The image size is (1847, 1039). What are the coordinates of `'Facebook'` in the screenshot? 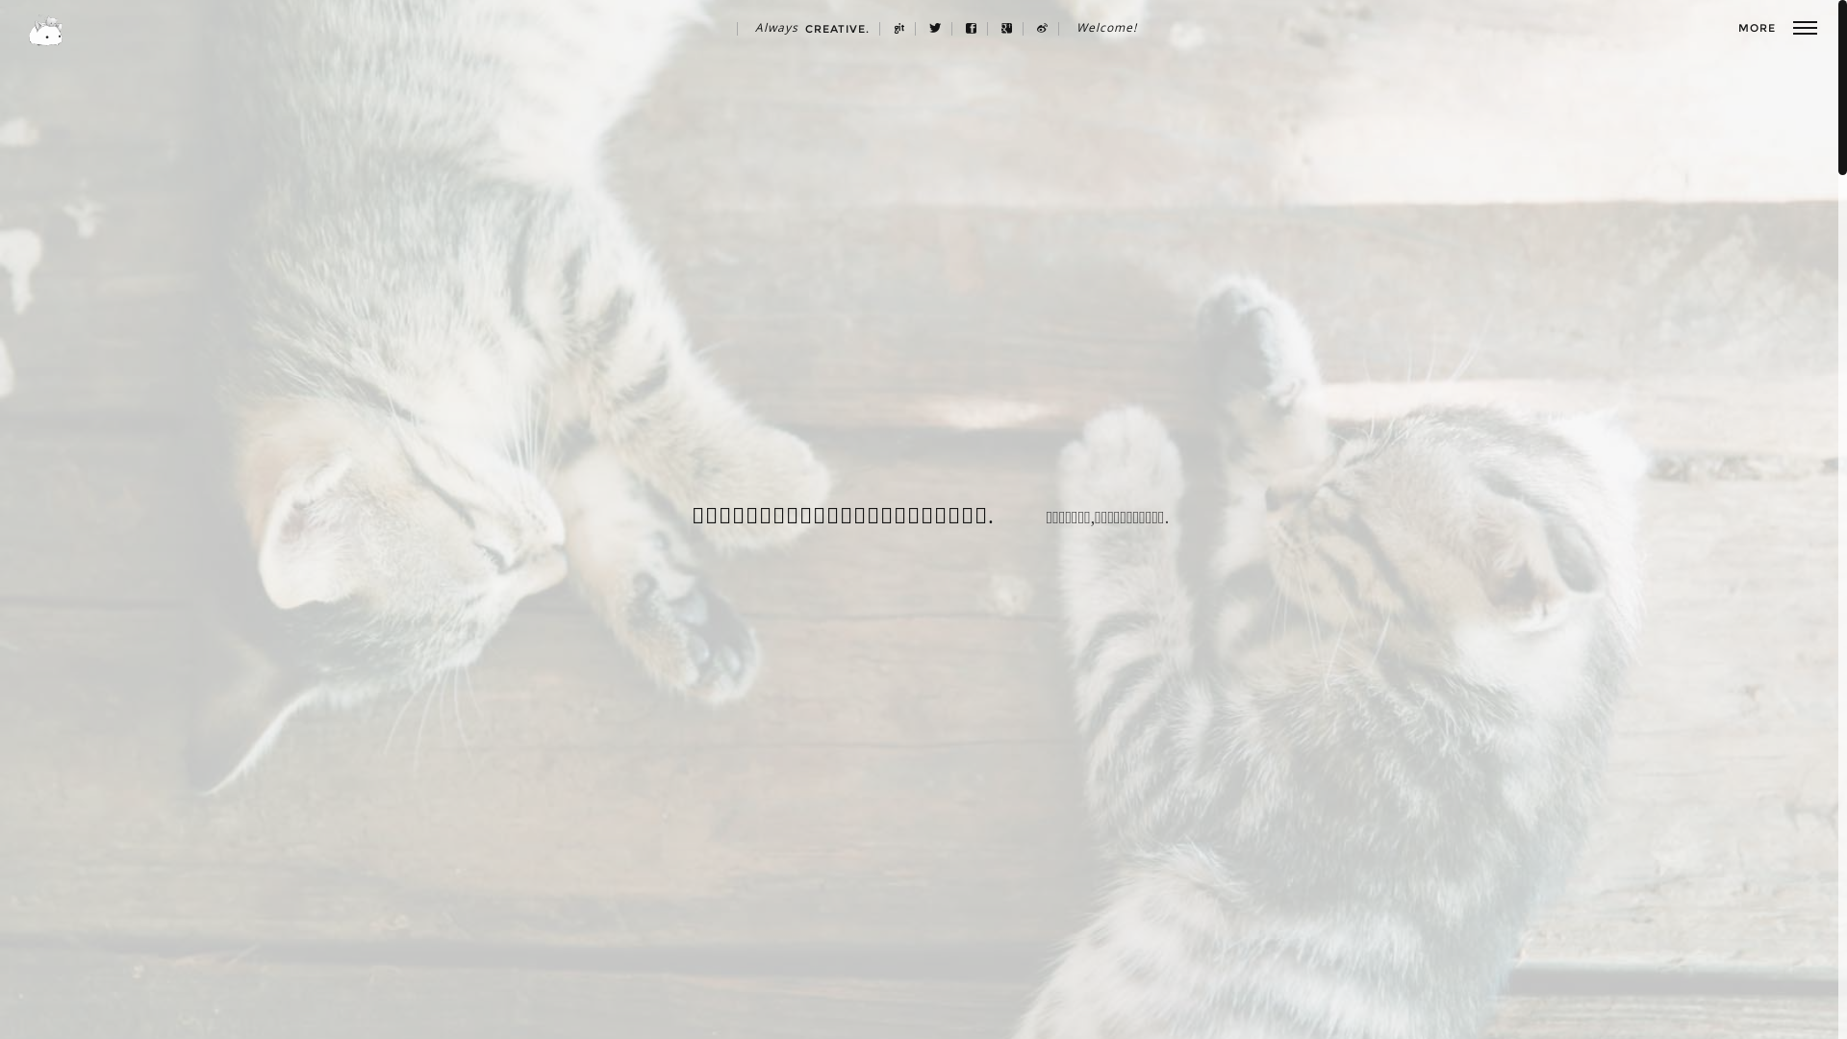 It's located at (955, 29).